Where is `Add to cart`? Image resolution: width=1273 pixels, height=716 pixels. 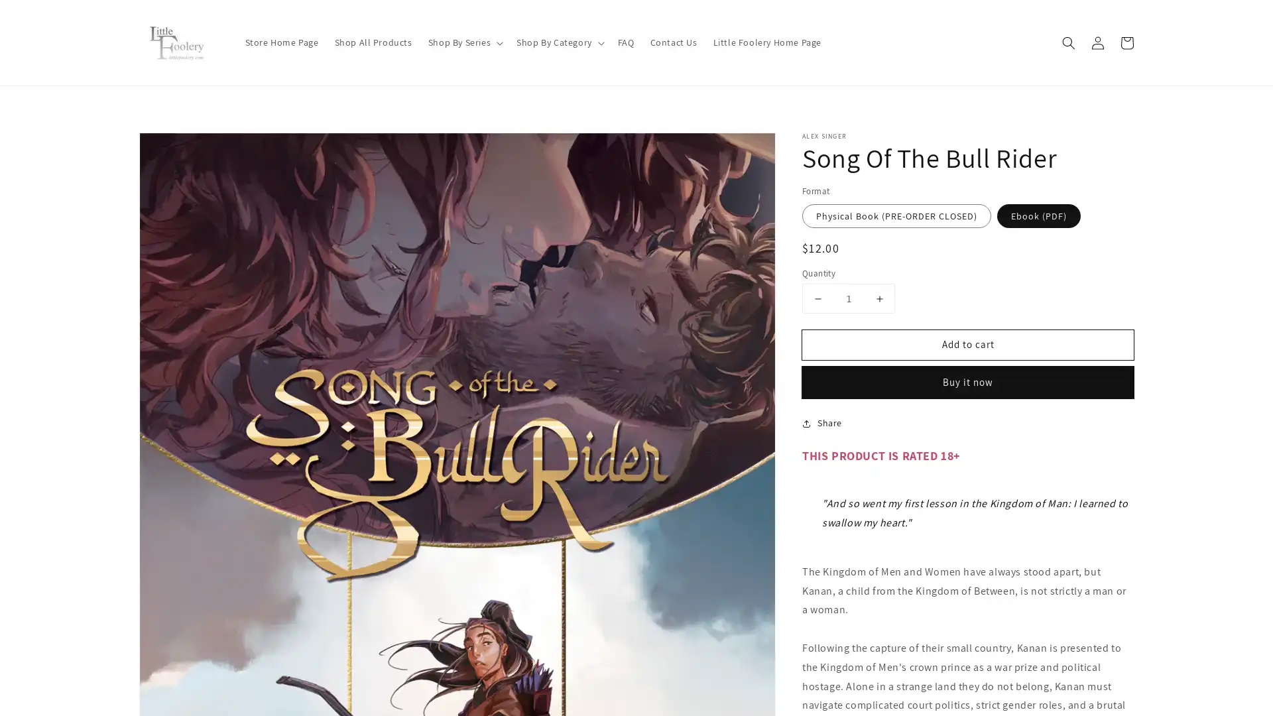
Add to cart is located at coordinates (967, 344).